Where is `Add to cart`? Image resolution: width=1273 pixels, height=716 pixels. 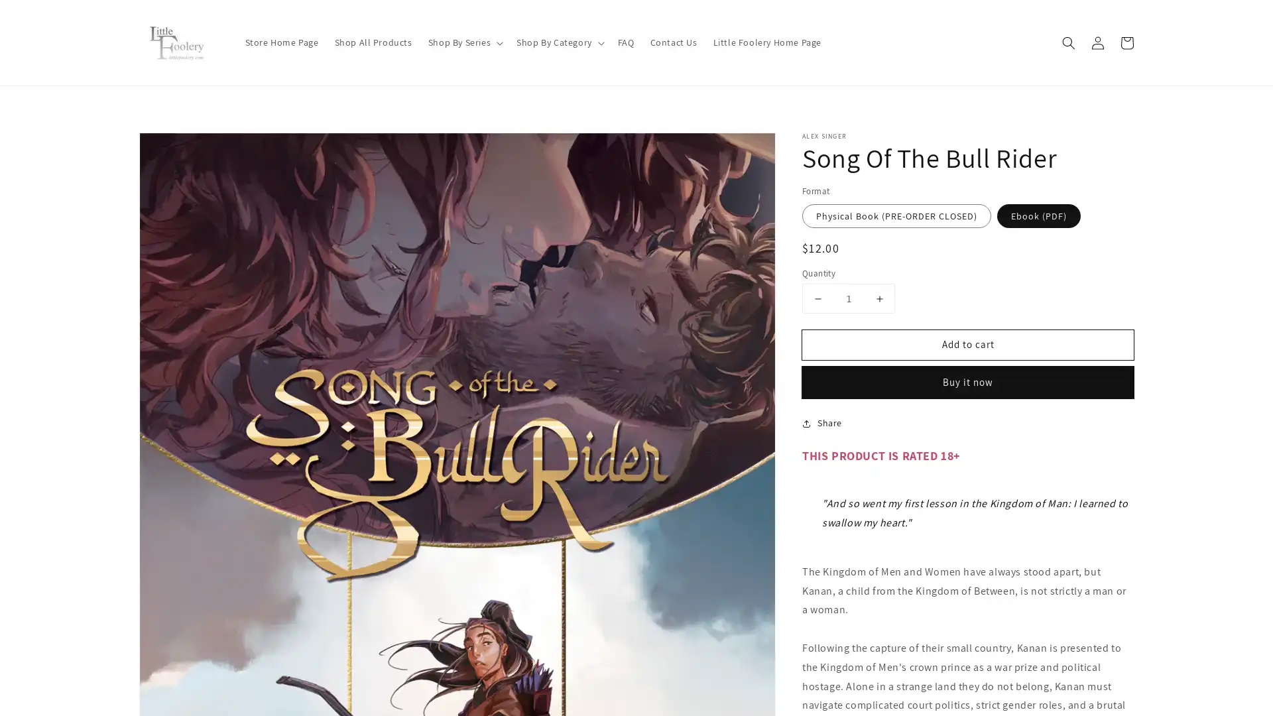
Add to cart is located at coordinates (967, 344).